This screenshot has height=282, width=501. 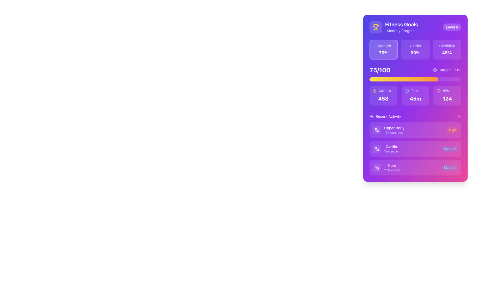 What do you see at coordinates (447, 99) in the screenshot?
I see `text displayed in the BPM metric label located in the lower-right corner of the card interface, below the 'BPM' label and next to the heart icon` at bounding box center [447, 99].